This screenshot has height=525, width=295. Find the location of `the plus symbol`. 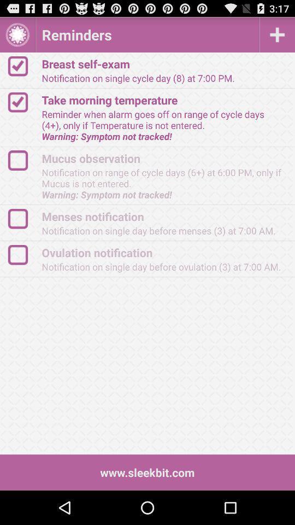

the plus symbol is located at coordinates (277, 35).